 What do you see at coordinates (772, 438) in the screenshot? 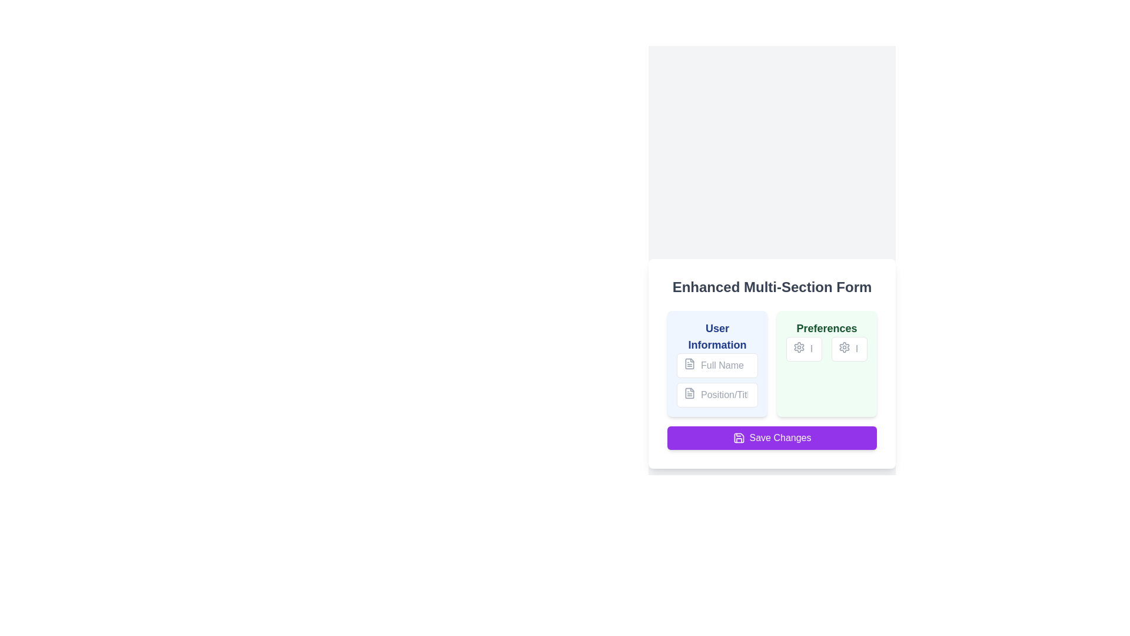
I see `the purple 'Save Changes' button with white text and a save icon located at the bottom of the user form grid` at bounding box center [772, 438].